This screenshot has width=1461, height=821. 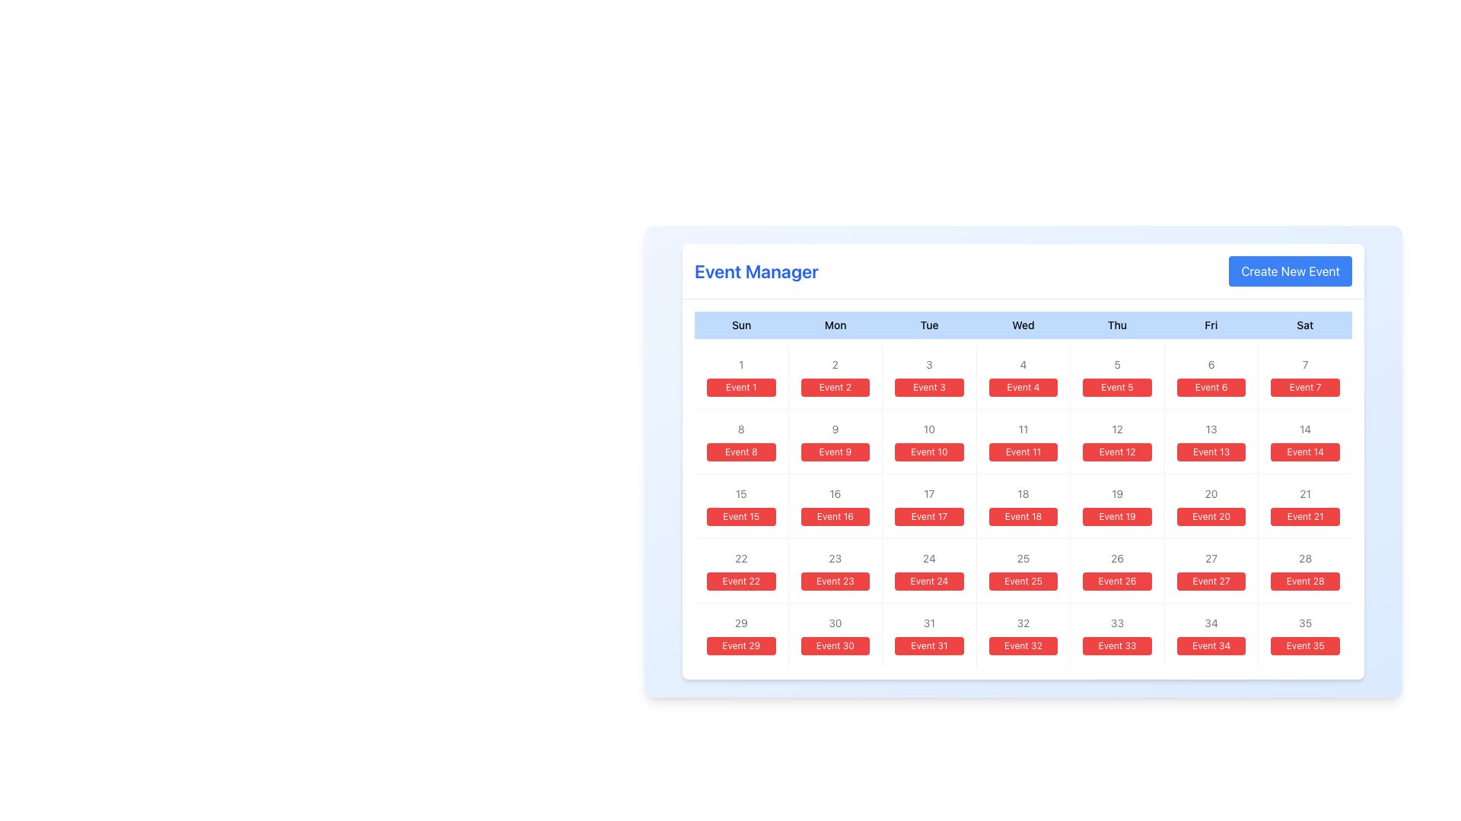 What do you see at coordinates (1304, 386) in the screenshot?
I see `the small rectangular button with a bright red background and white text labeled 'Event 7', located under the 'Sat' column in the calendar grid` at bounding box center [1304, 386].